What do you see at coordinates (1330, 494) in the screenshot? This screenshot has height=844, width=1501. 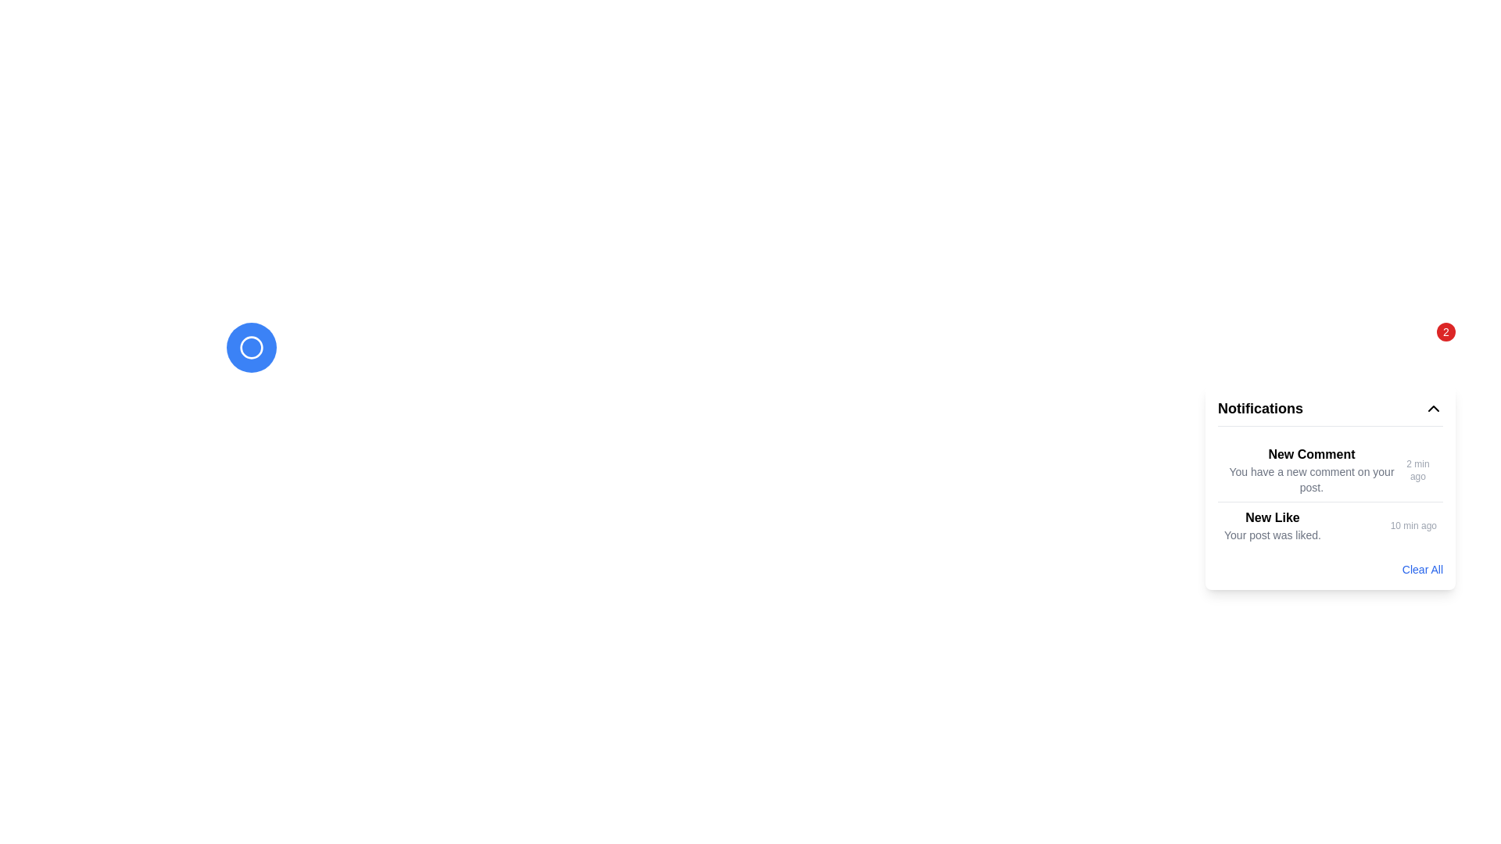 I see `the second interactive list item within the notification panel` at bounding box center [1330, 494].